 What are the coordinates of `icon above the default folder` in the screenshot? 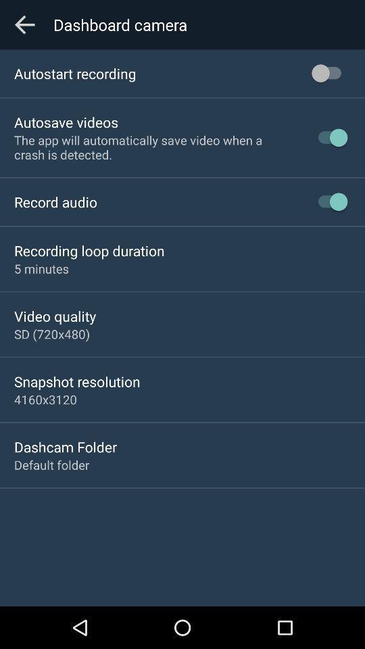 It's located at (65, 447).